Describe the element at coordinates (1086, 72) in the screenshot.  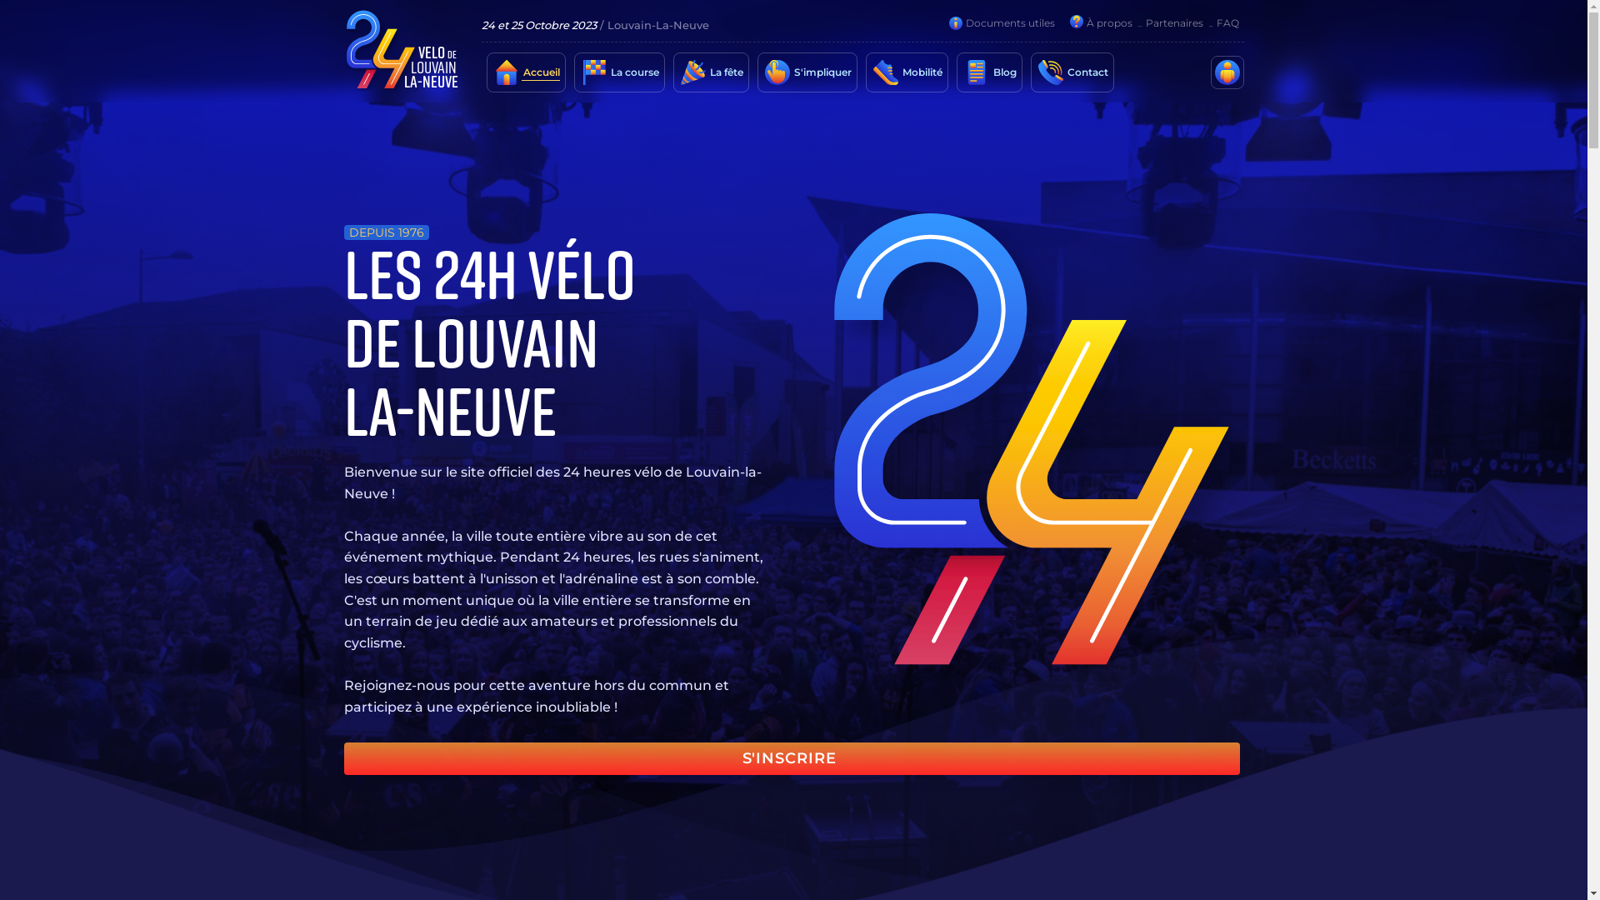
I see `'Contact'` at that location.